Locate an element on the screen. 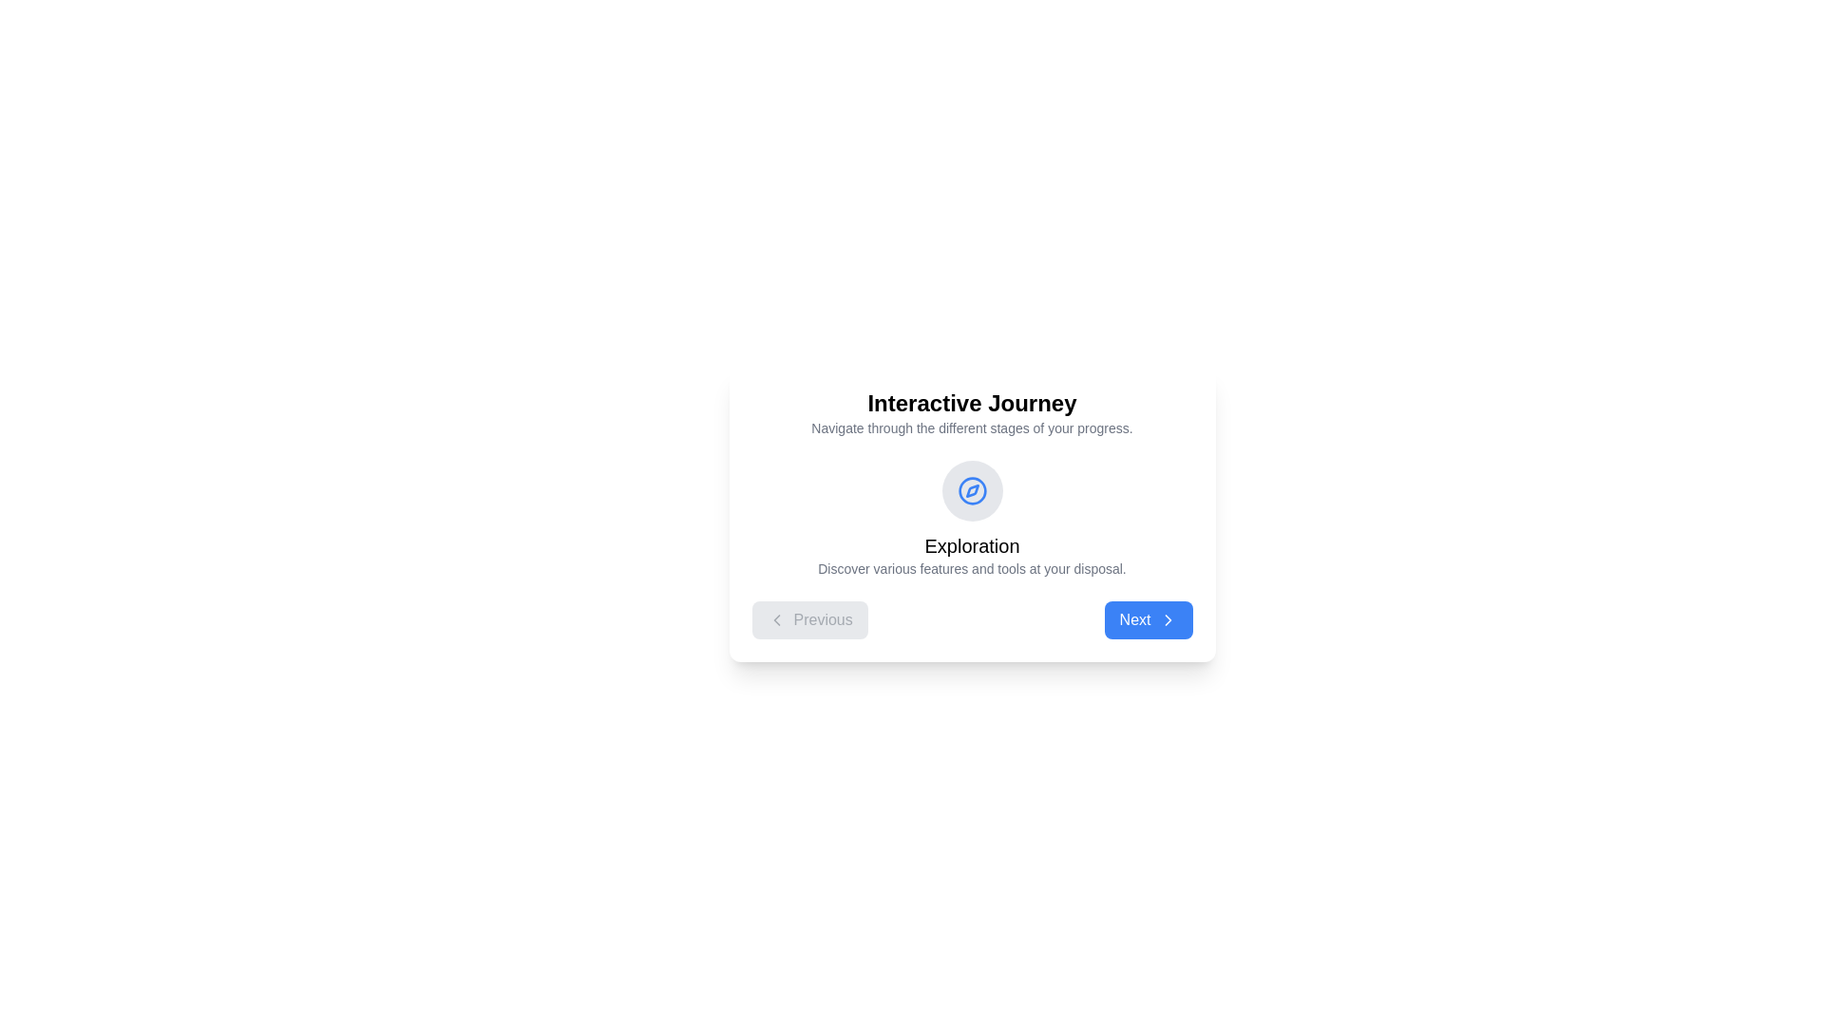  Icon located within the 'Previous' button at the lower left of the interactive card is located at coordinates (776, 619).